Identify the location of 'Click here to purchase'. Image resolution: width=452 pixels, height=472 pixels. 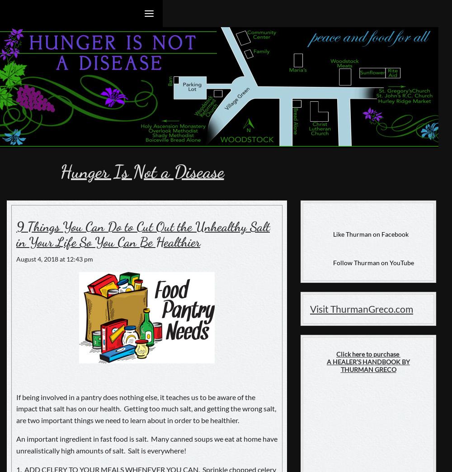
(368, 353).